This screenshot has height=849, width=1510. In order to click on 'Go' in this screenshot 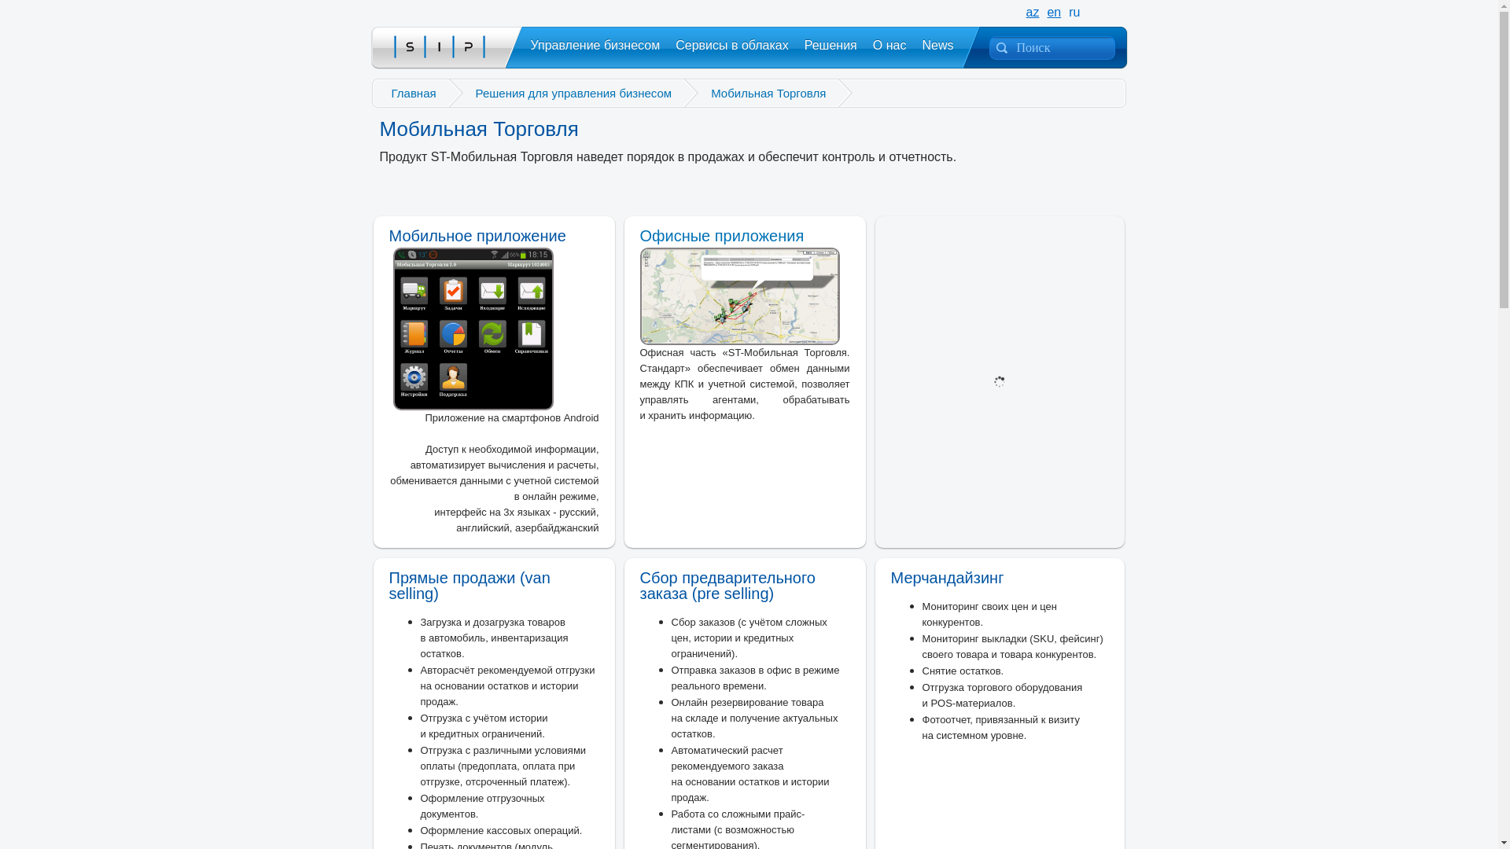, I will do `click(0, 12)`.